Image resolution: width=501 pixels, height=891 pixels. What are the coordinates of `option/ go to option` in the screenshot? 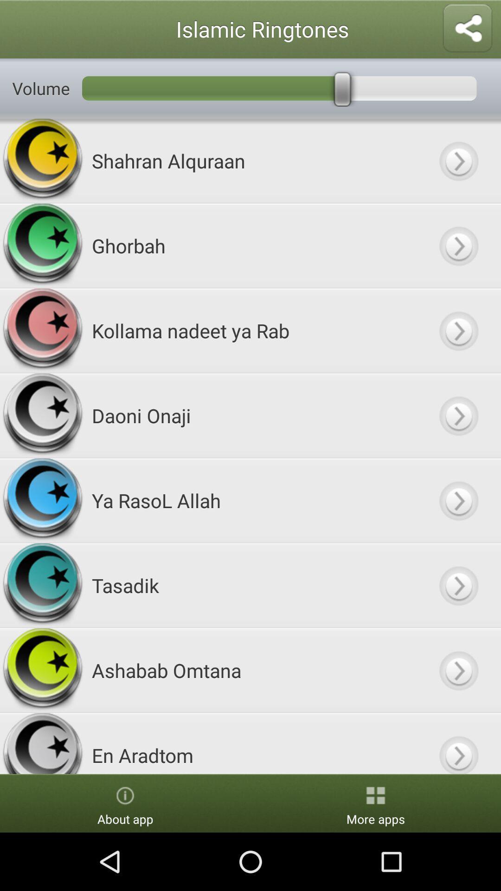 It's located at (458, 245).